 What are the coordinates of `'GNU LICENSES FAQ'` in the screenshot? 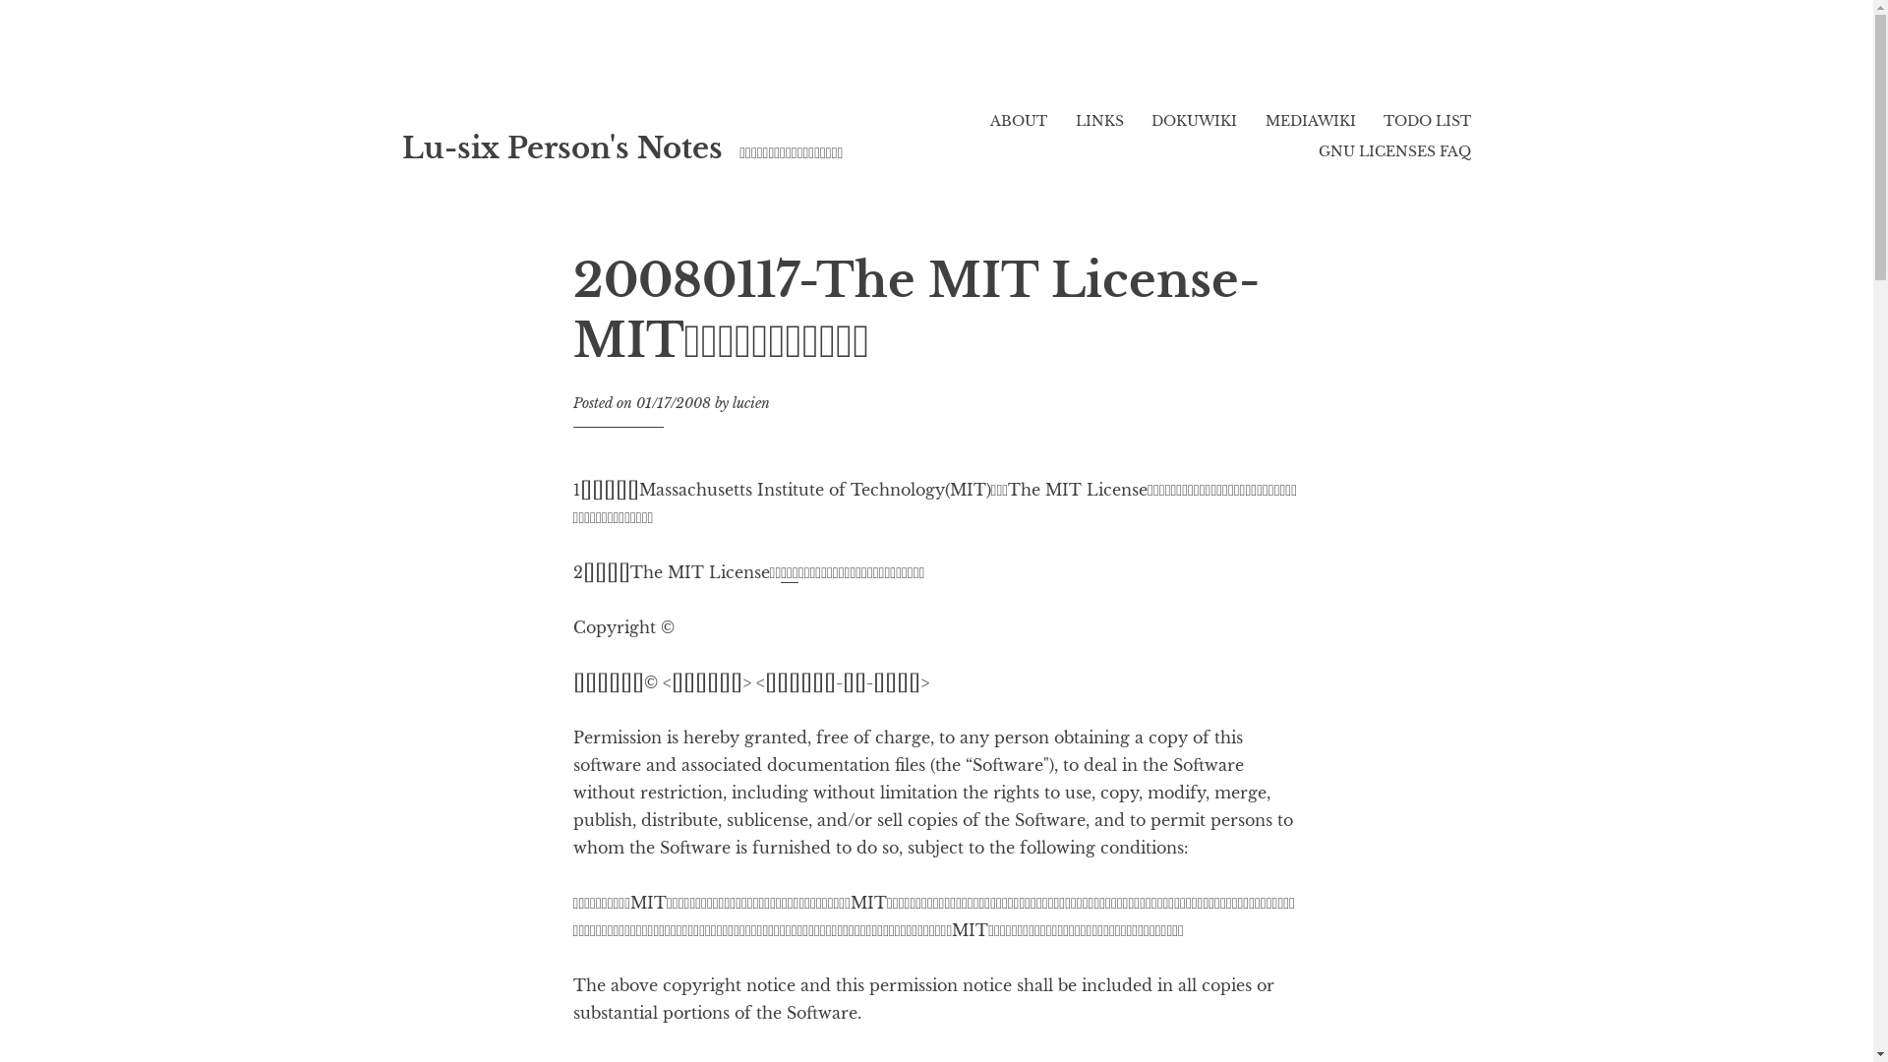 It's located at (1318, 150).